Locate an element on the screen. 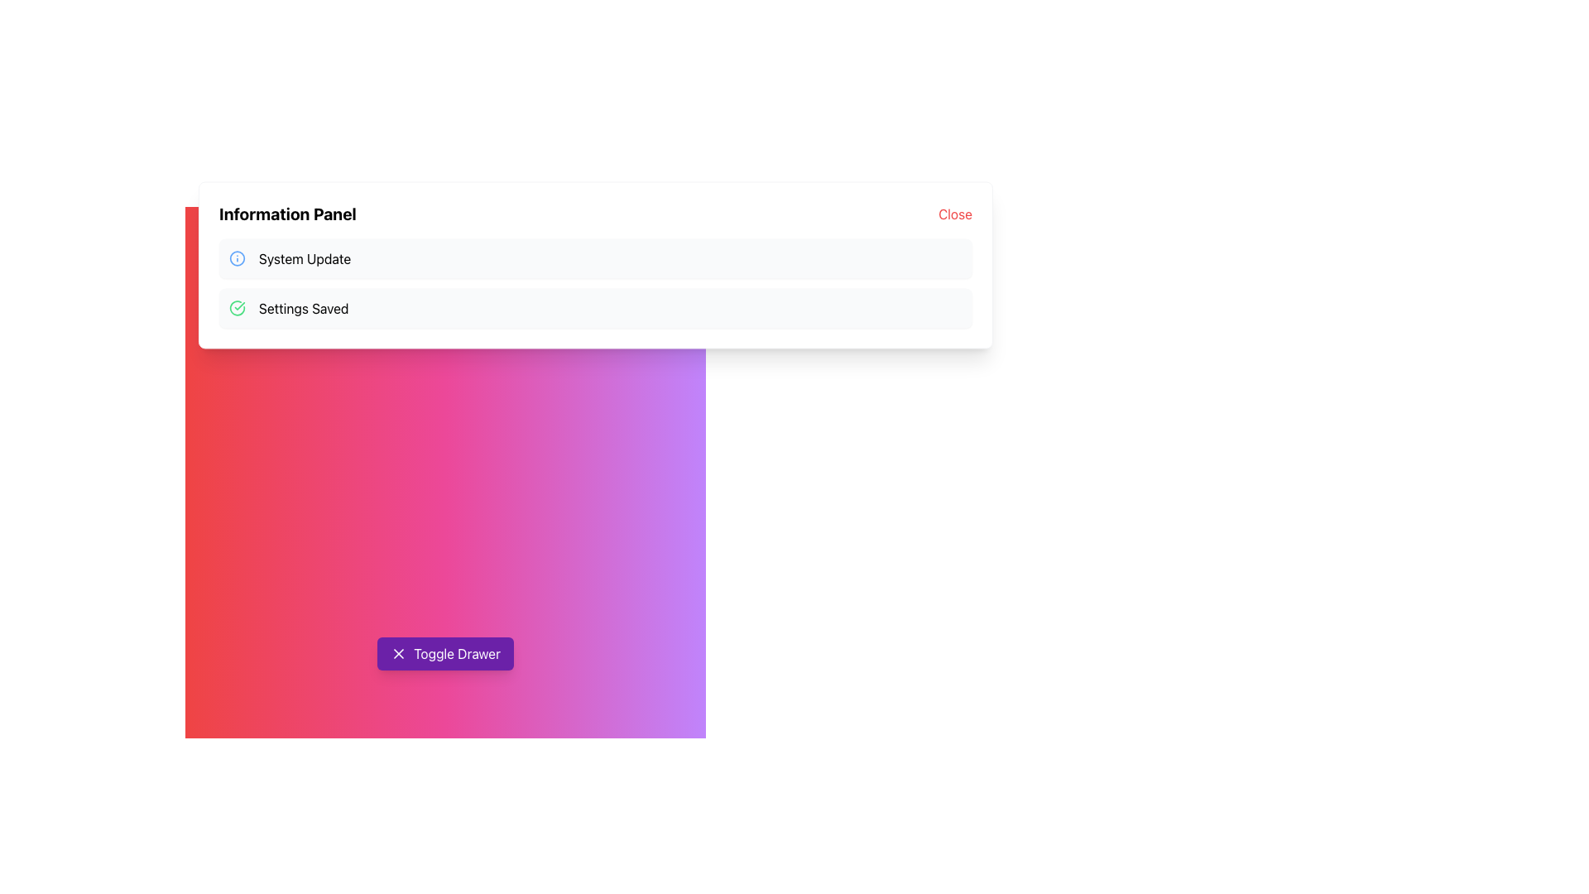 Image resolution: width=1589 pixels, height=894 pixels. the Circular icon next to the 'System Update' message in the Information Panel is located at coordinates (237, 258).